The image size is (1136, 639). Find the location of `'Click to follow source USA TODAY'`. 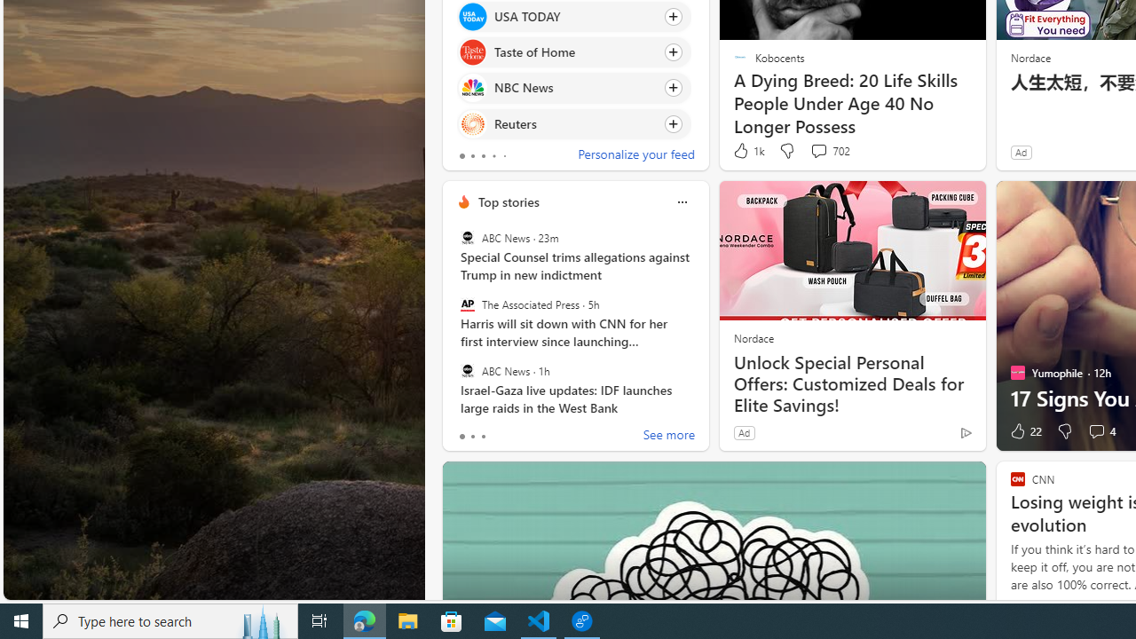

'Click to follow source USA TODAY' is located at coordinates (574, 16).